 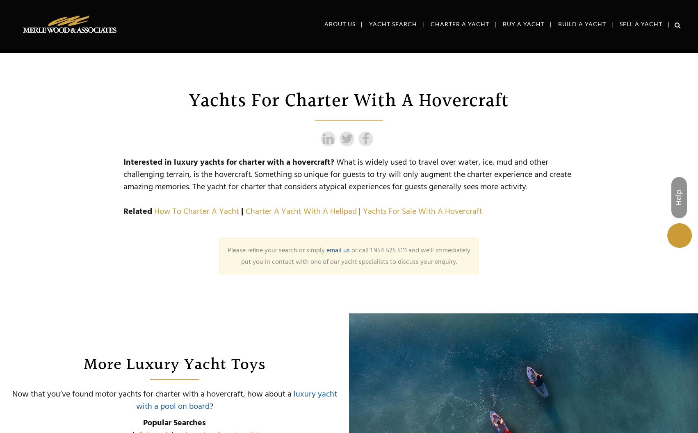 What do you see at coordinates (349, 101) in the screenshot?
I see `'Yachts For Charter With A Hovercraft'` at bounding box center [349, 101].